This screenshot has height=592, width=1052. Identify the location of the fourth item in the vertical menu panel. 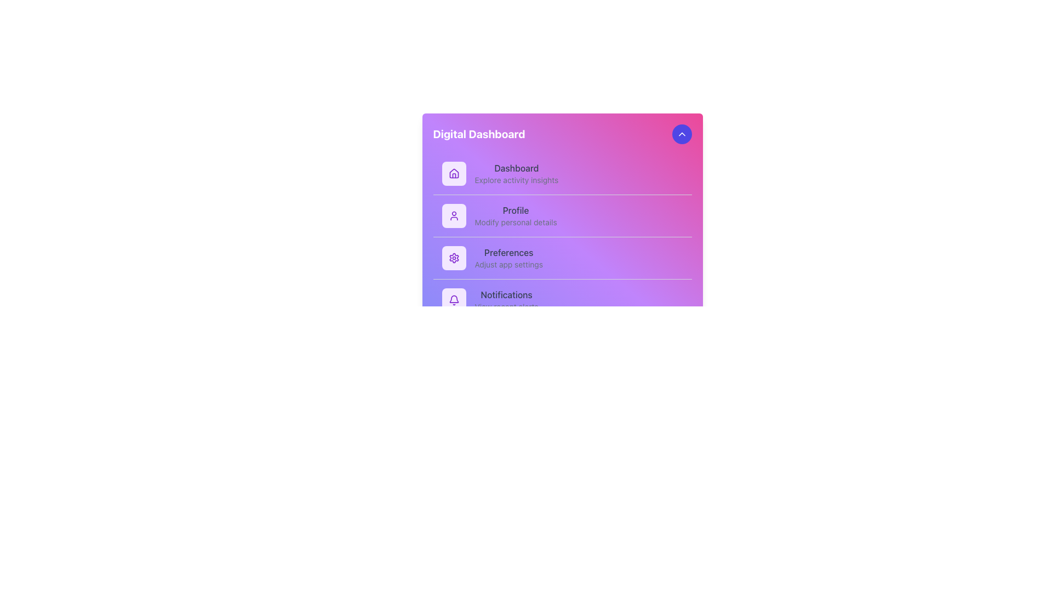
(562, 300).